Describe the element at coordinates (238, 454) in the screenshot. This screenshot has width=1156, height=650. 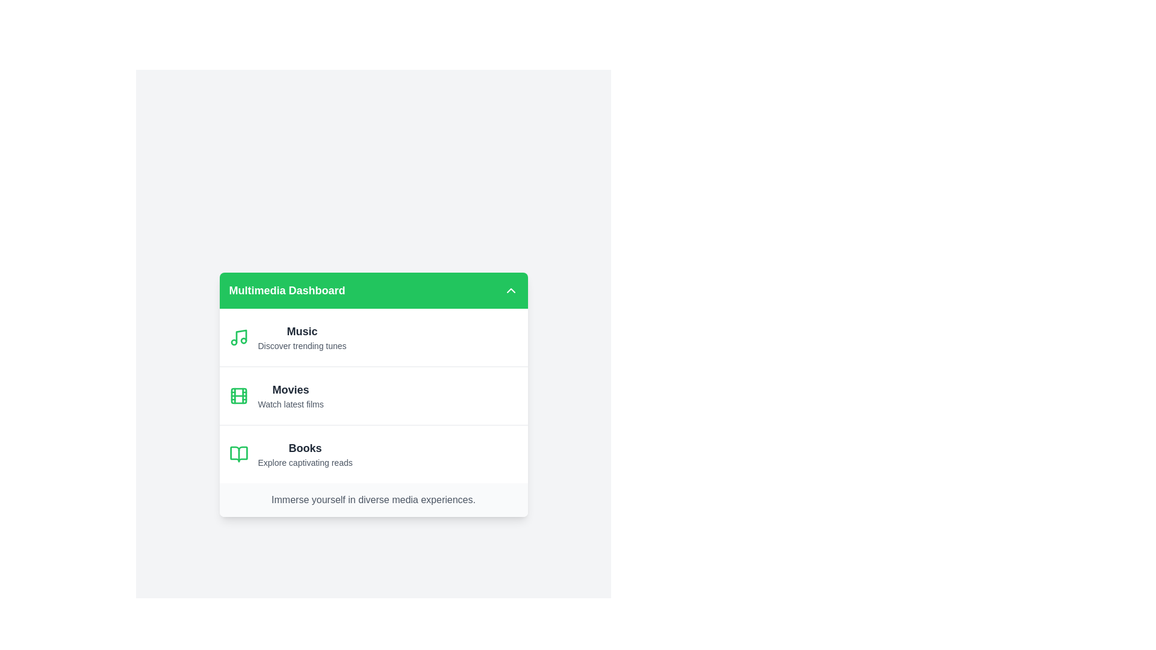
I see `the icon corresponding to Books to view its details` at that location.